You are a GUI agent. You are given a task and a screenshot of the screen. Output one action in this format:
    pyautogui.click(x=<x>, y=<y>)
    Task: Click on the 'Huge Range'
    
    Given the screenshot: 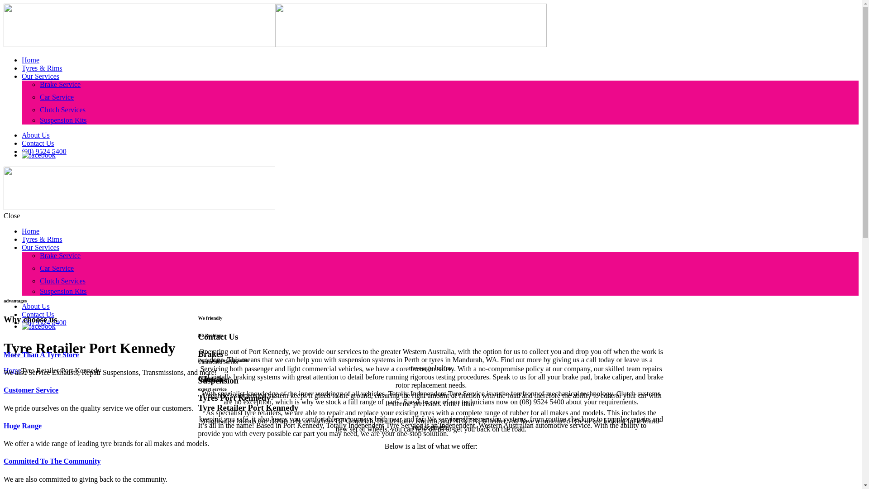 What is the action you would take?
    pyautogui.click(x=4, y=426)
    